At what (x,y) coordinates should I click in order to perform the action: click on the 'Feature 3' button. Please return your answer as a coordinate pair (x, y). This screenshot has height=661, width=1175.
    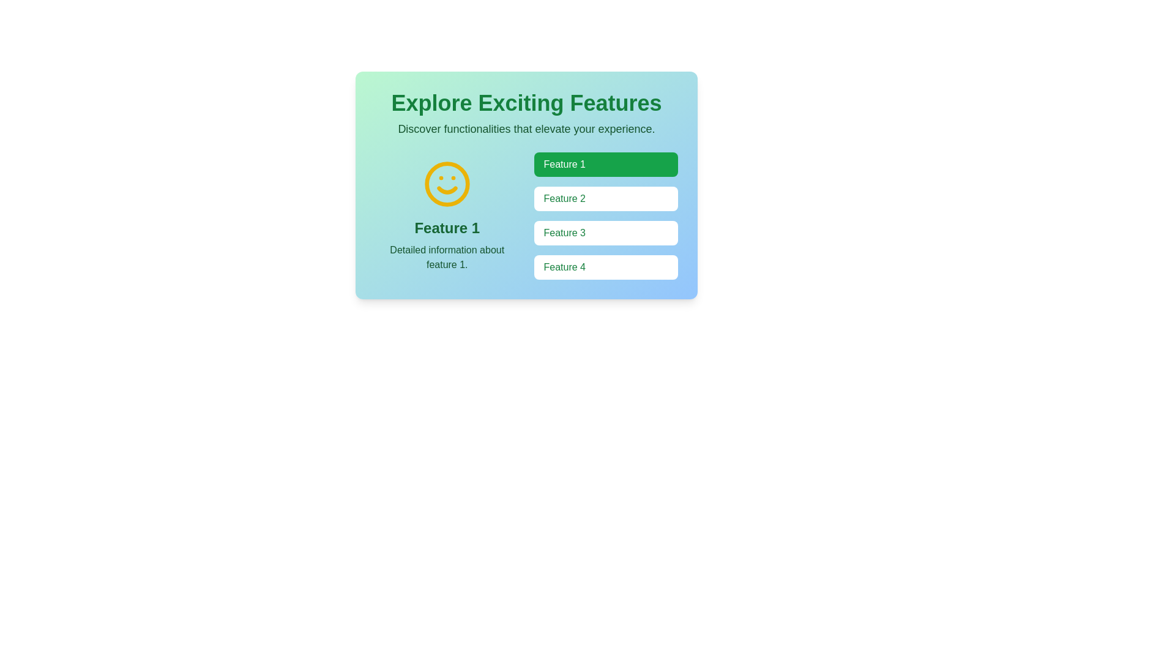
    Looking at the image, I should click on (606, 233).